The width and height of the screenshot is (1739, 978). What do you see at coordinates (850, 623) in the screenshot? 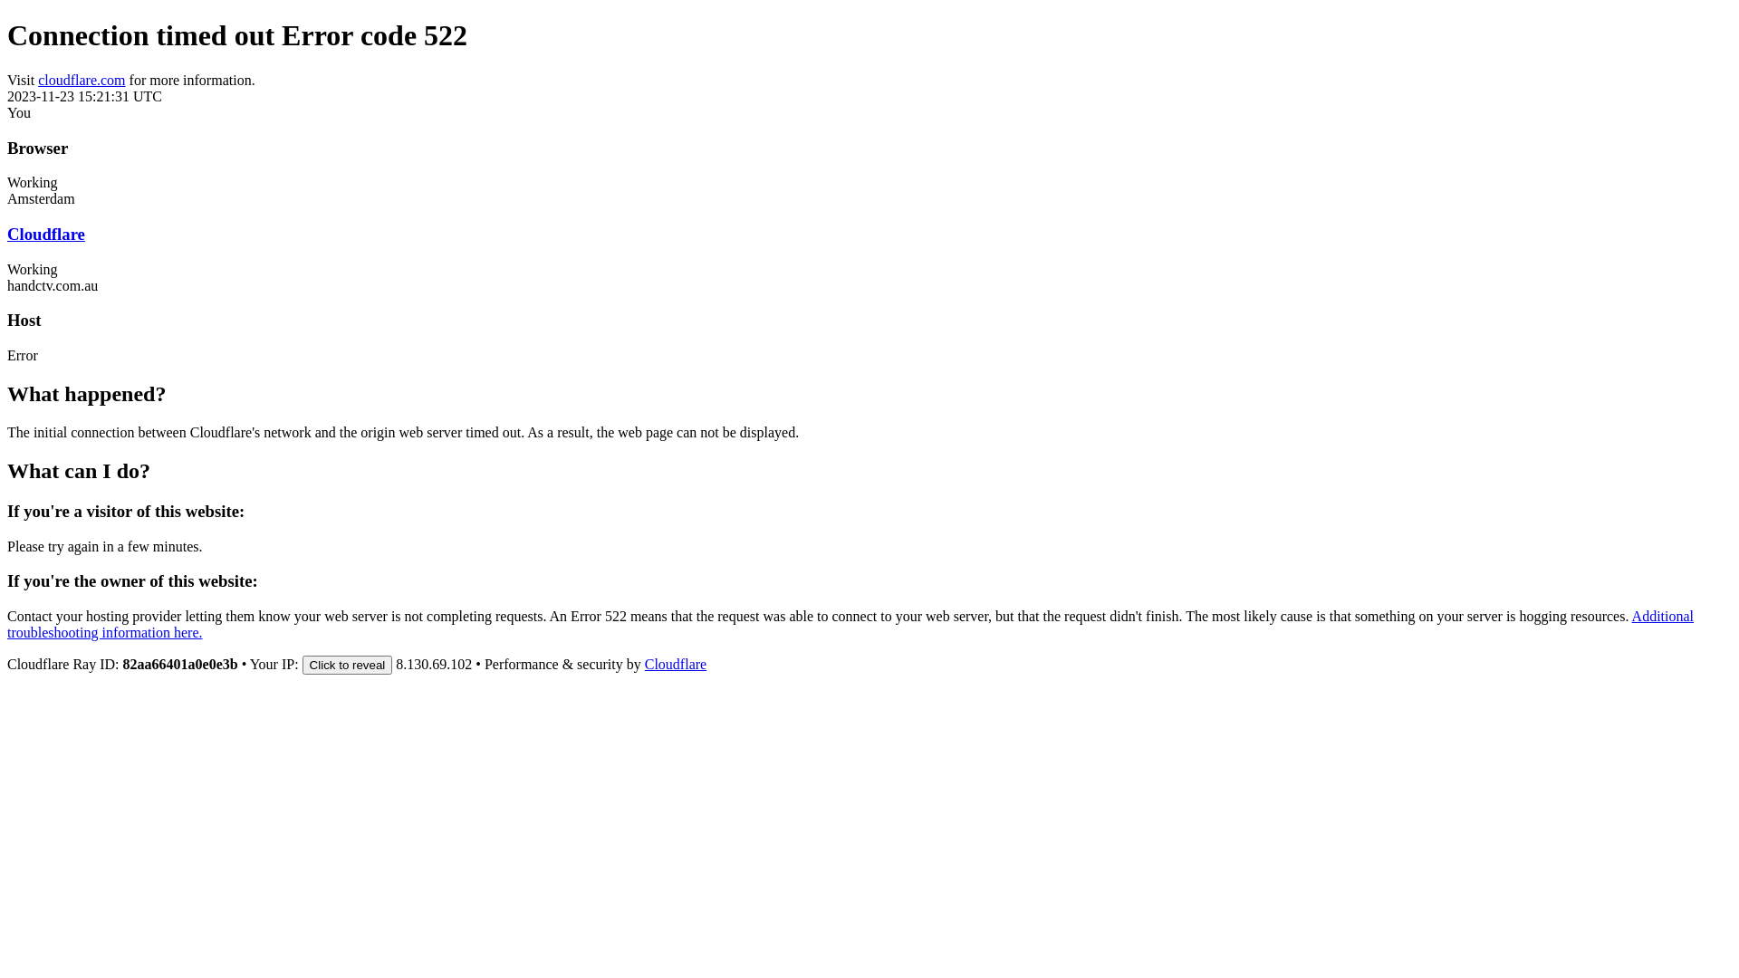
I see `'Additional troubleshooting information here.'` at bounding box center [850, 623].